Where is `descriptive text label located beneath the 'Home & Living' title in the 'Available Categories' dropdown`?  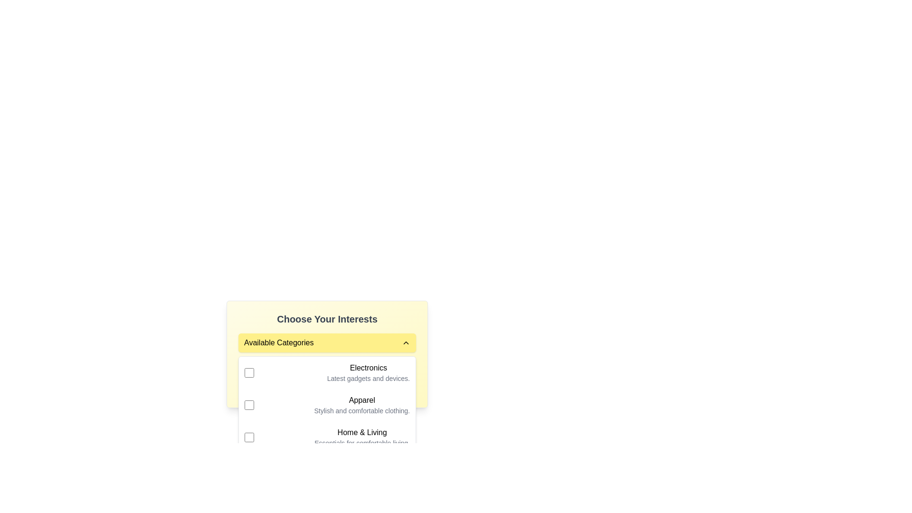 descriptive text label located beneath the 'Home & Living' title in the 'Available Categories' dropdown is located at coordinates (361, 443).